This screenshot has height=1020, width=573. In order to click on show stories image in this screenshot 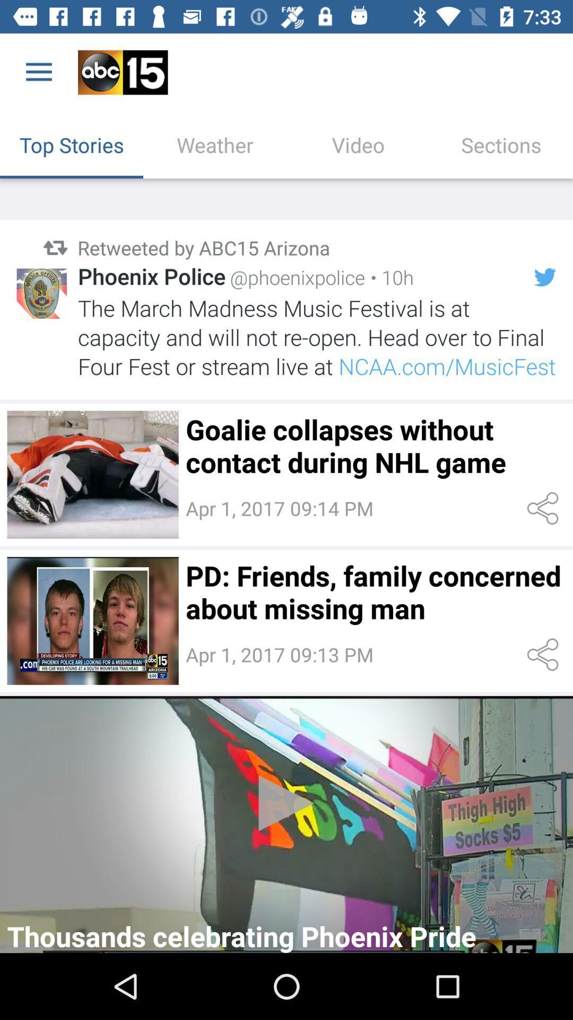, I will do `click(92, 474)`.